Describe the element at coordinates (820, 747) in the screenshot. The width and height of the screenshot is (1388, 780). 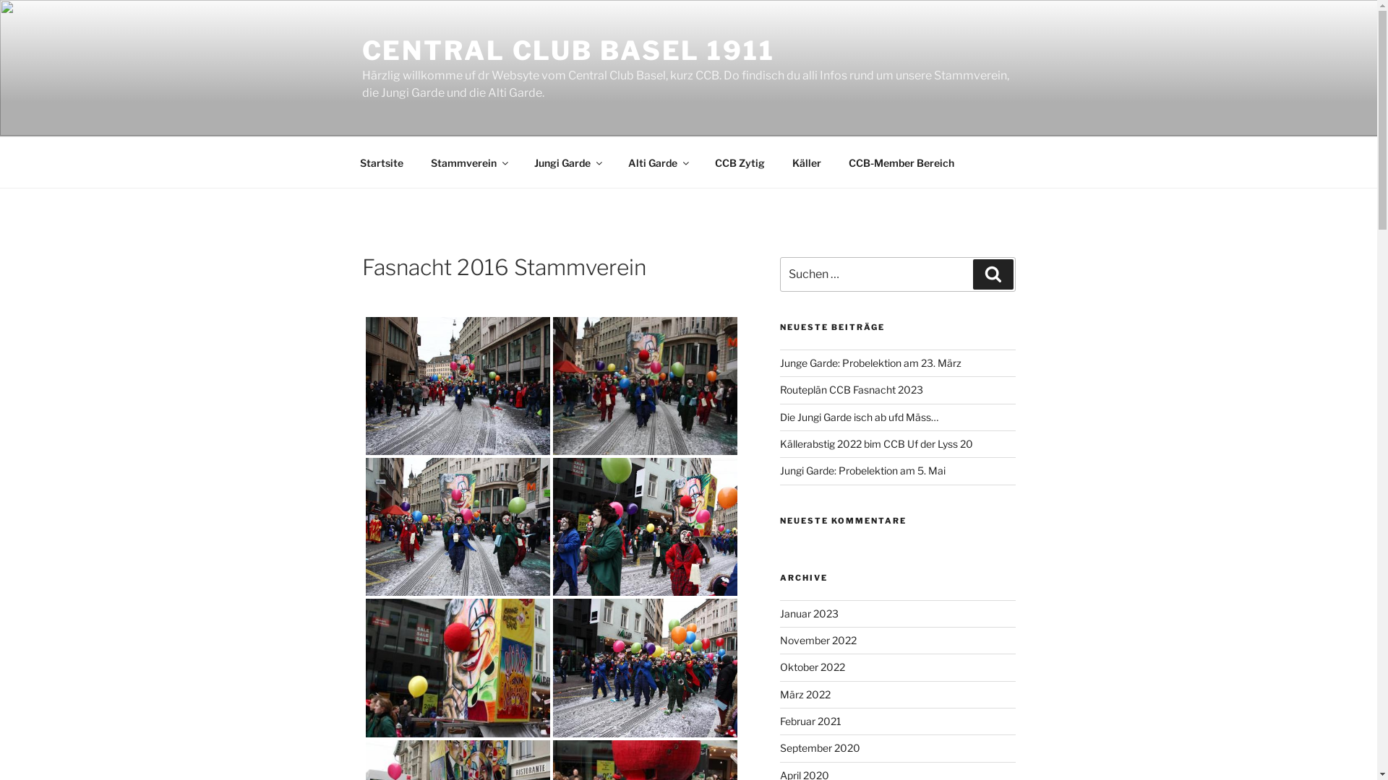
I see `'September 2020'` at that location.